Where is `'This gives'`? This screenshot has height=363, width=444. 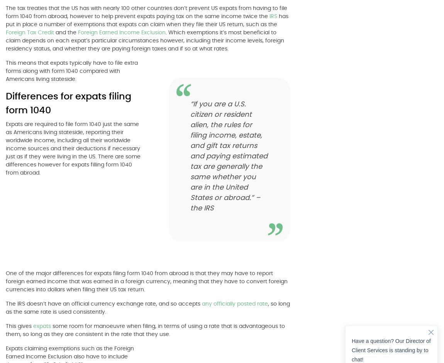 'This gives' is located at coordinates (19, 326).